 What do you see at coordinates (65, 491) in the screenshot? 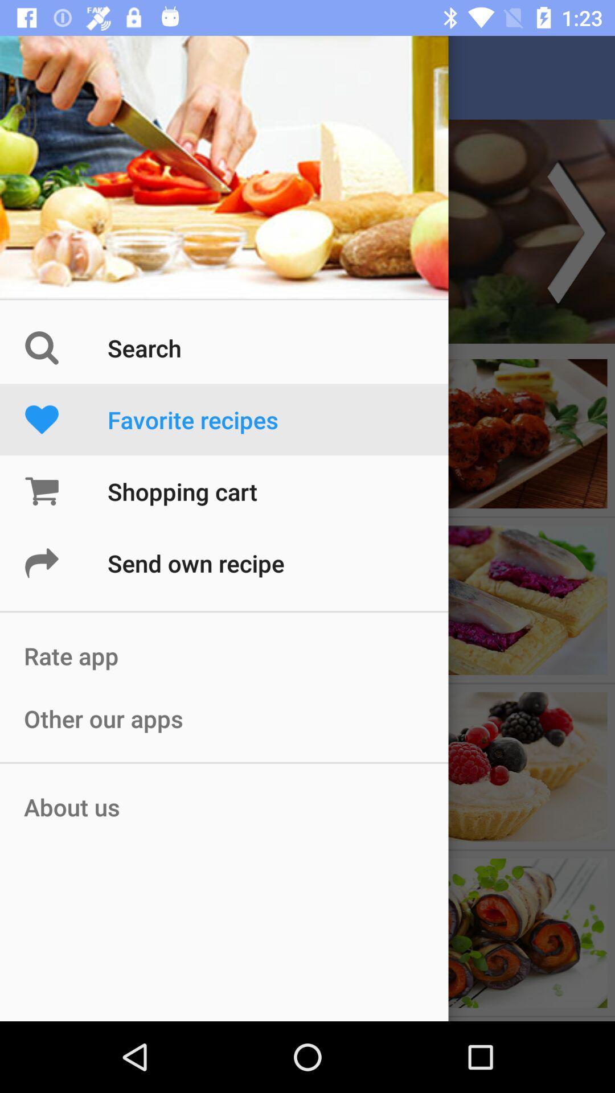
I see `the cart icon beside shopping cart` at bounding box center [65, 491].